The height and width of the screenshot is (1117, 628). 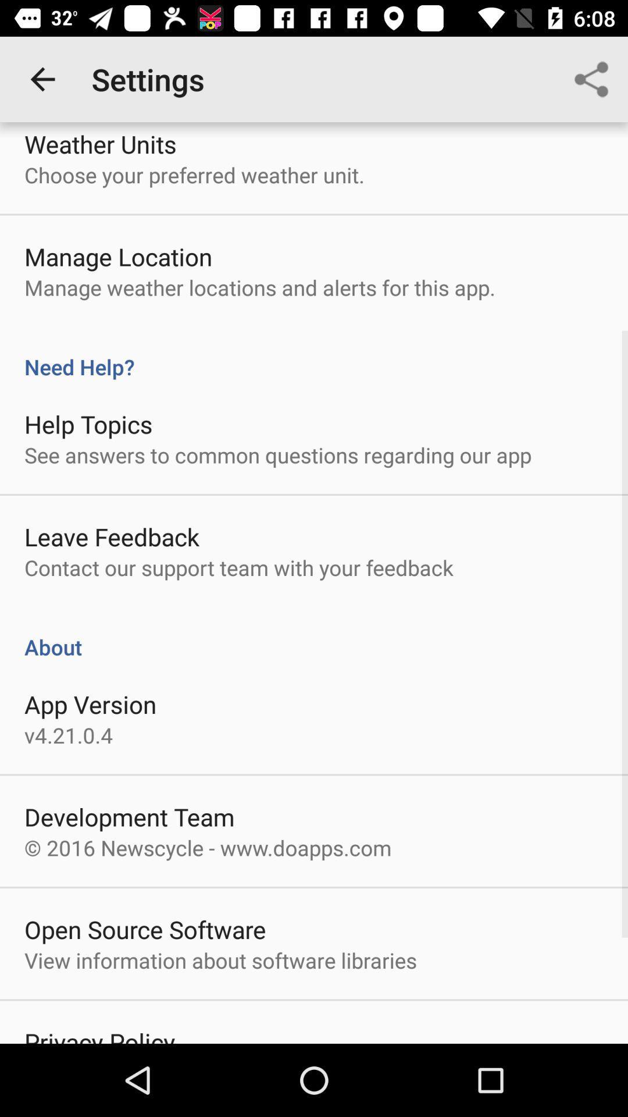 I want to click on the need help?, so click(x=314, y=354).